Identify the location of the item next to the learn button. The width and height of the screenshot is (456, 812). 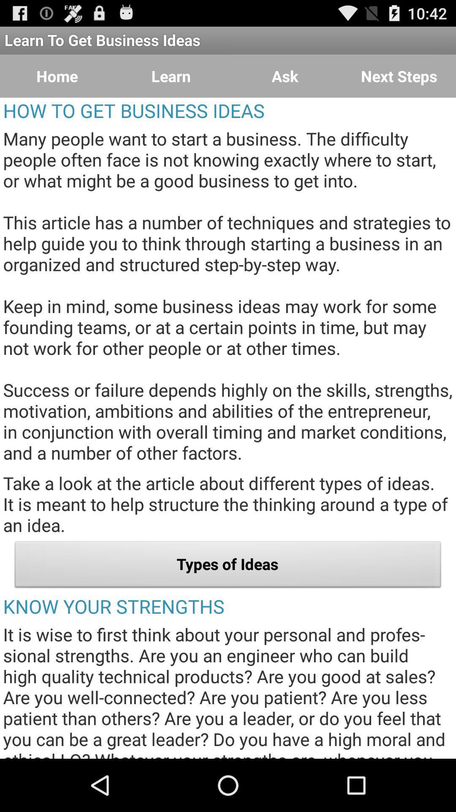
(57, 76).